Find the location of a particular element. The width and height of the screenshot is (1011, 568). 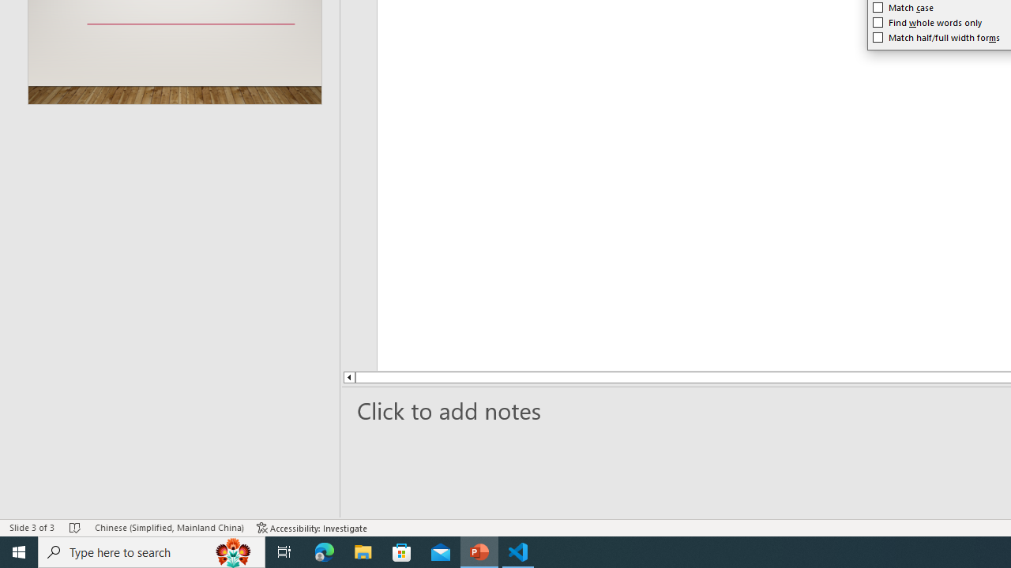

'Type here to search' is located at coordinates (152, 551).